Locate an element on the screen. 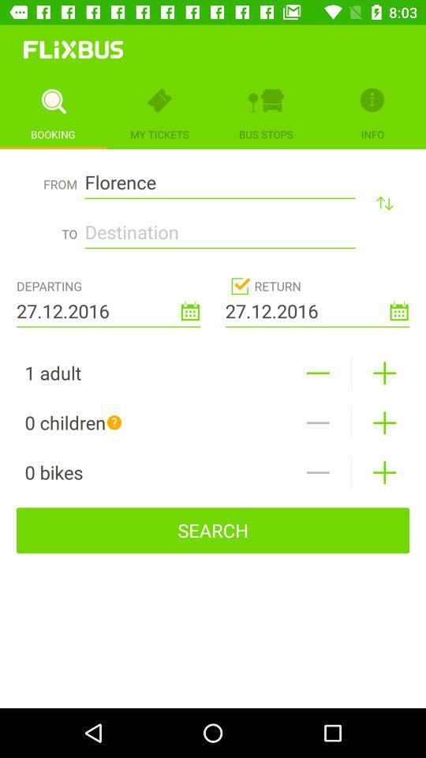  the add icon is located at coordinates (383, 373).